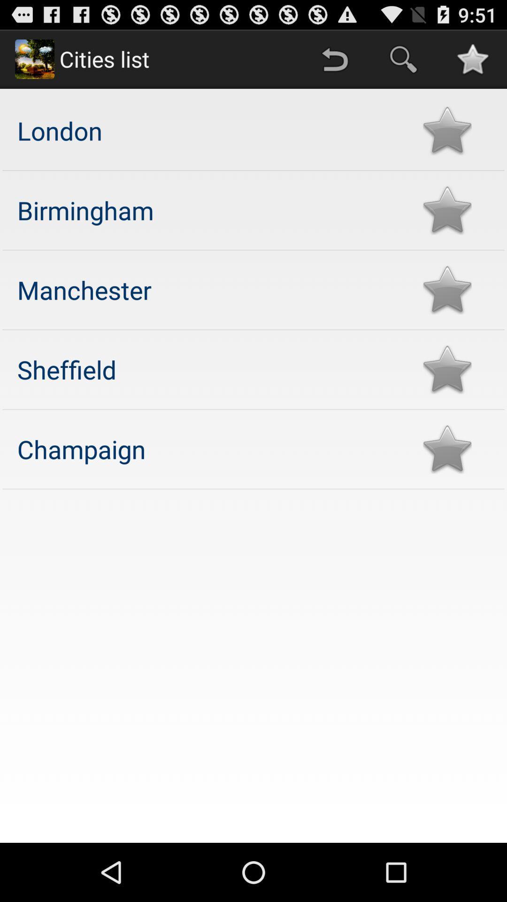 Image resolution: width=507 pixels, height=902 pixels. Describe the element at coordinates (446, 369) in the screenshot. I see `star button` at that location.